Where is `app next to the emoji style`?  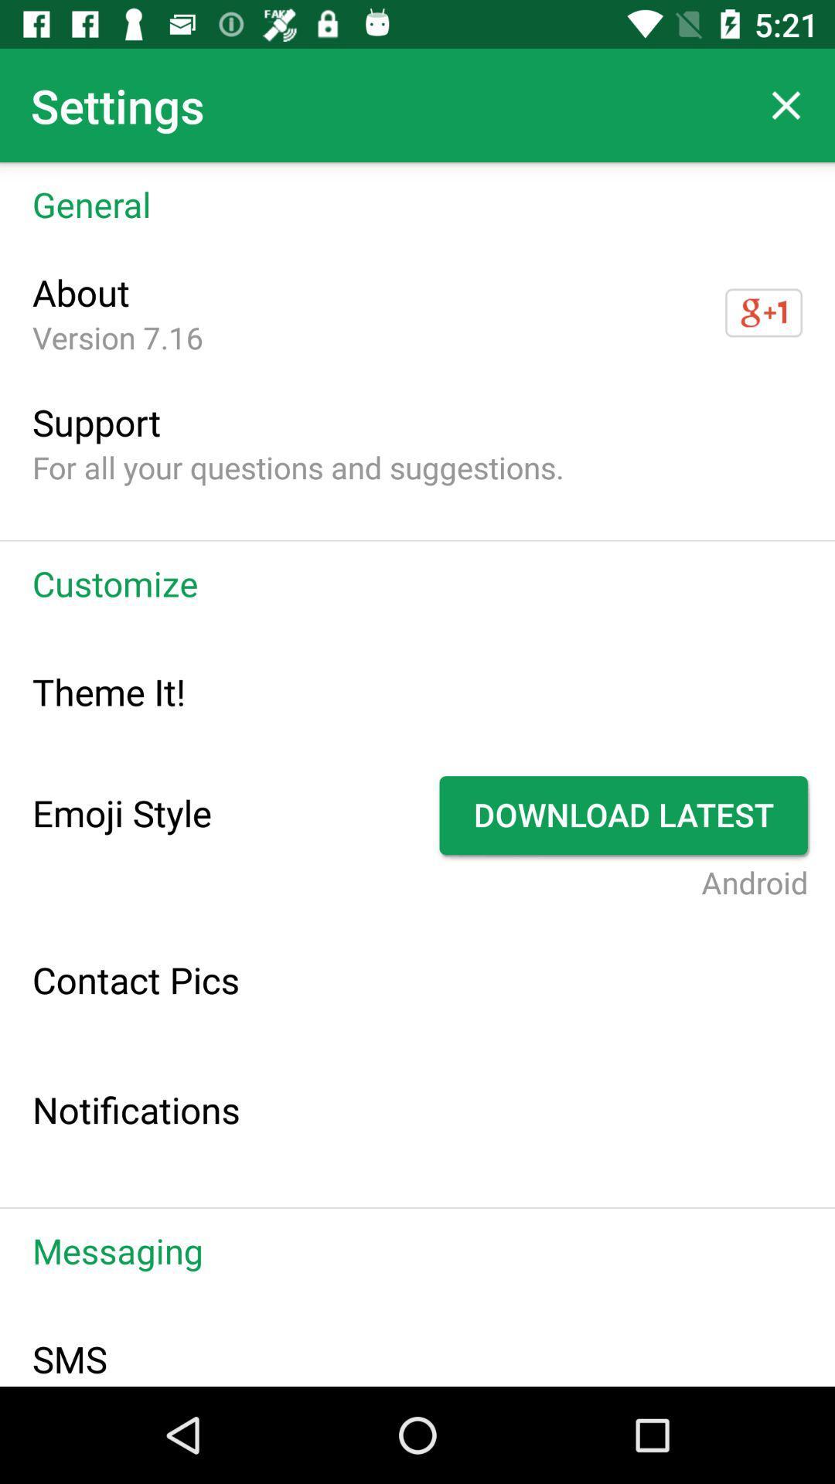
app next to the emoji style is located at coordinates (625, 815).